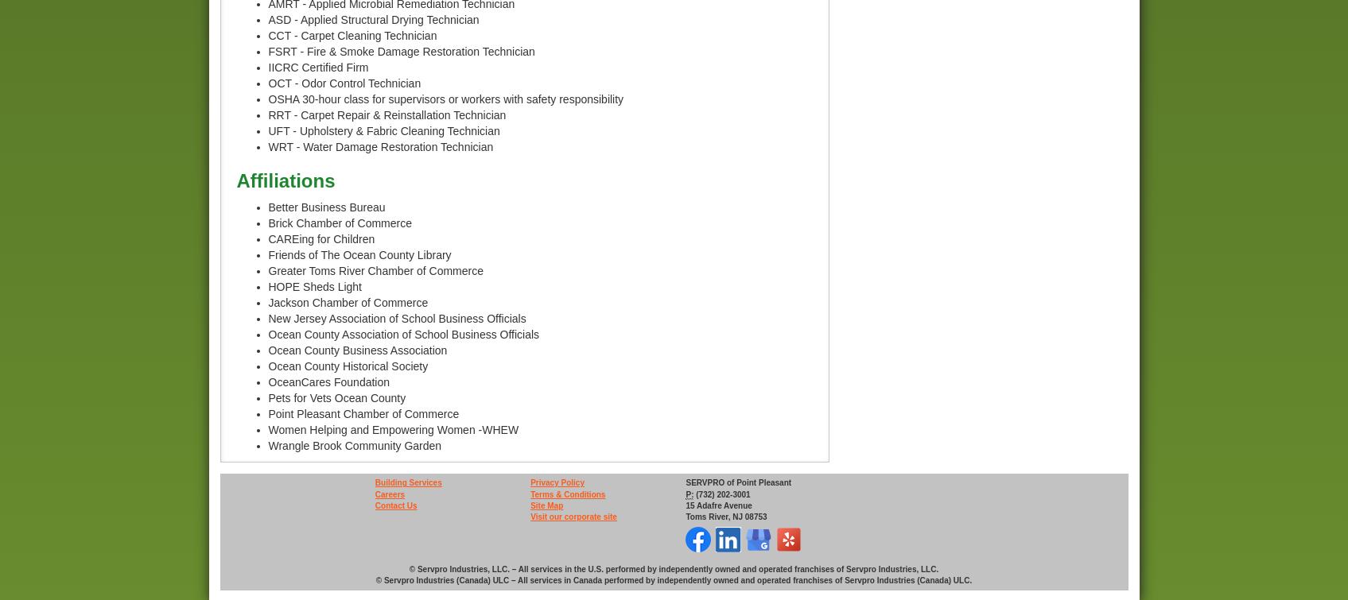 Image resolution: width=1348 pixels, height=600 pixels. What do you see at coordinates (266, 413) in the screenshot?
I see `'Point Pleasant Chamber of Commerce'` at bounding box center [266, 413].